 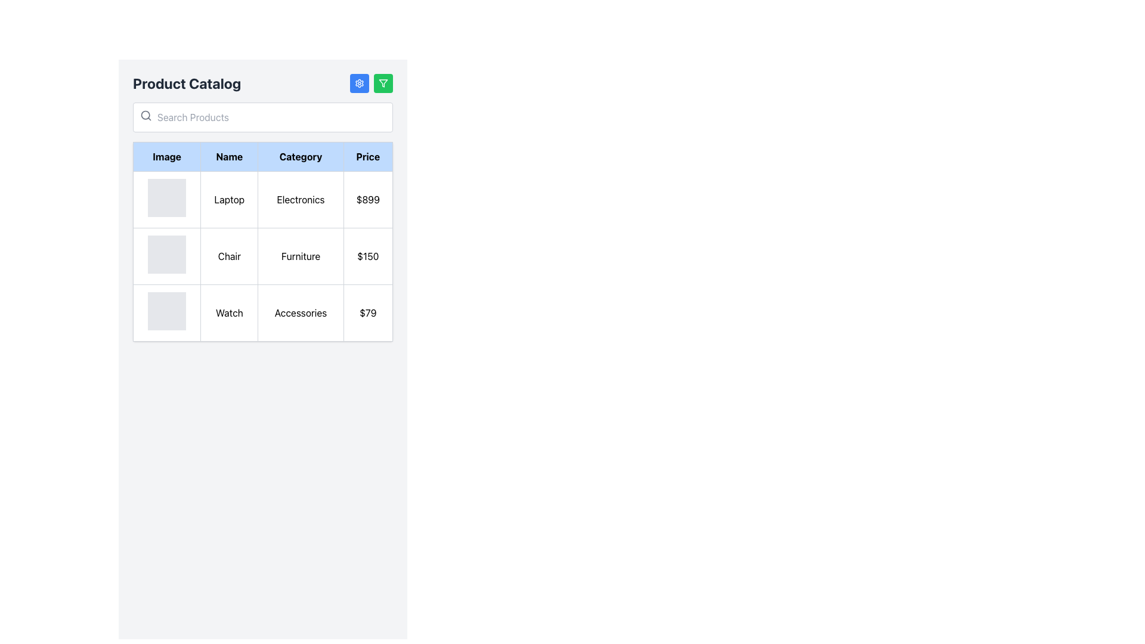 What do you see at coordinates (367, 255) in the screenshot?
I see `the price text label for the Chair item` at bounding box center [367, 255].